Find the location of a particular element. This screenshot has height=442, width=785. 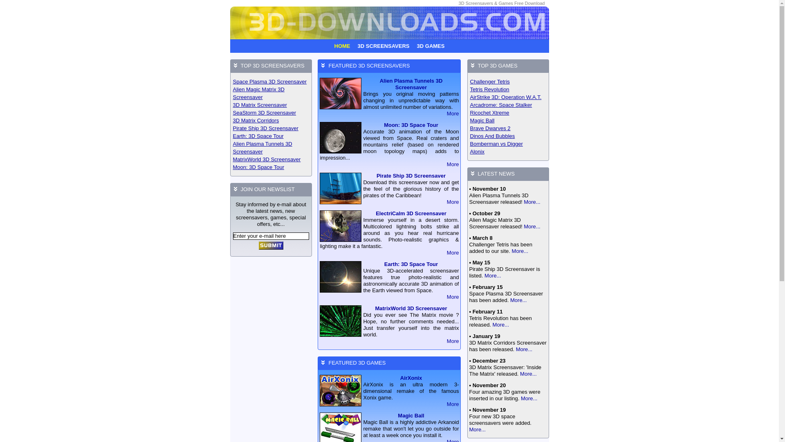

'AirStrike 3D: Operation W.A.T.' is located at coordinates (508, 97).